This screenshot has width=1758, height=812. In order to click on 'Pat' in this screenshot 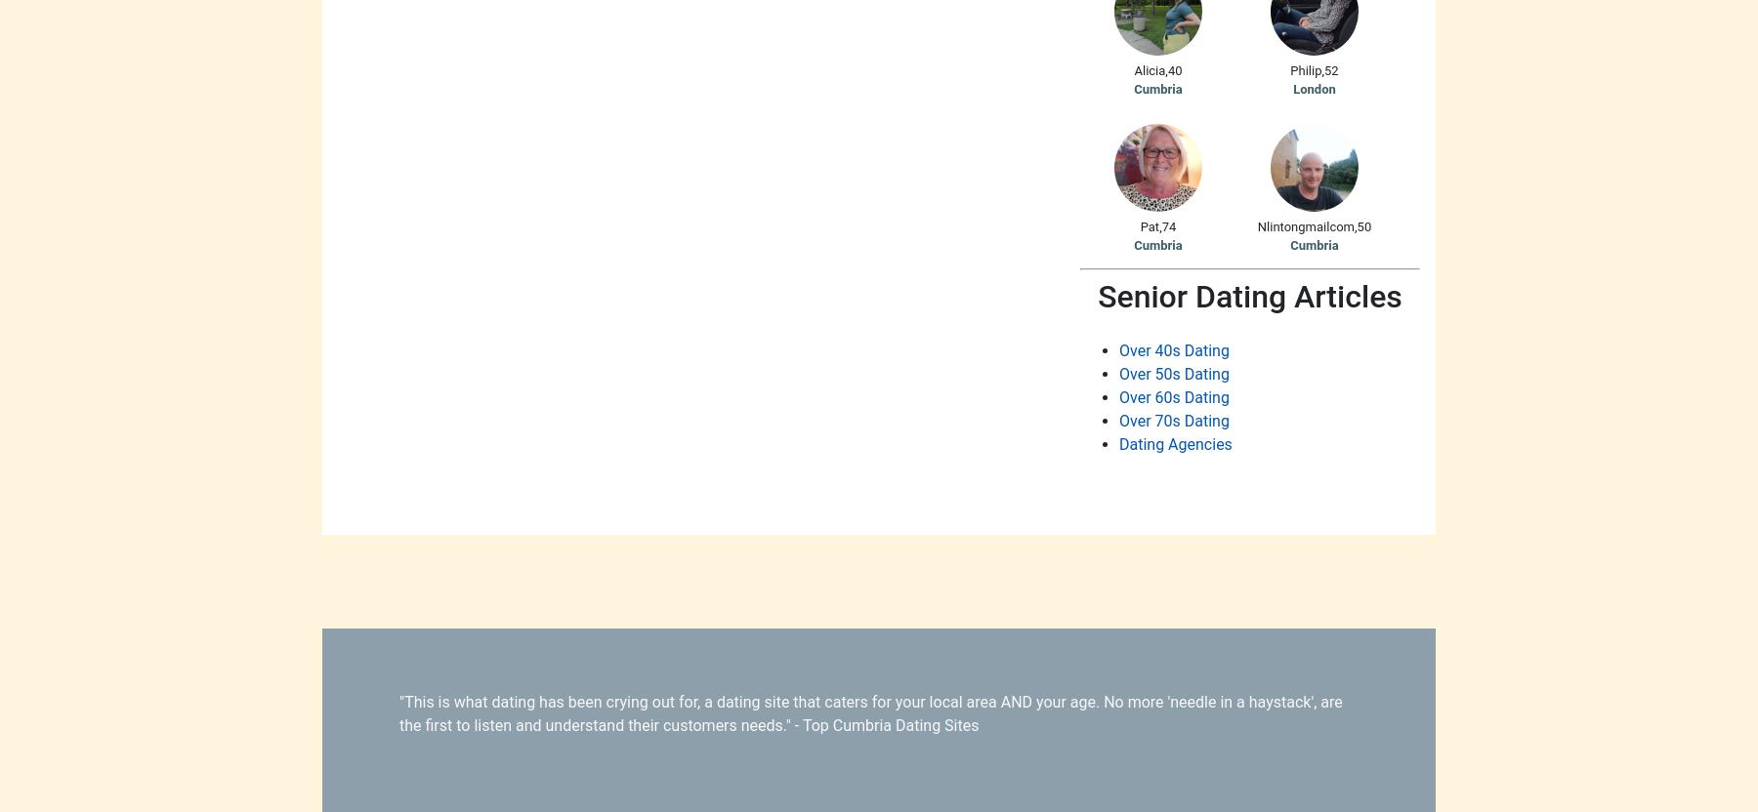, I will do `click(1149, 225)`.